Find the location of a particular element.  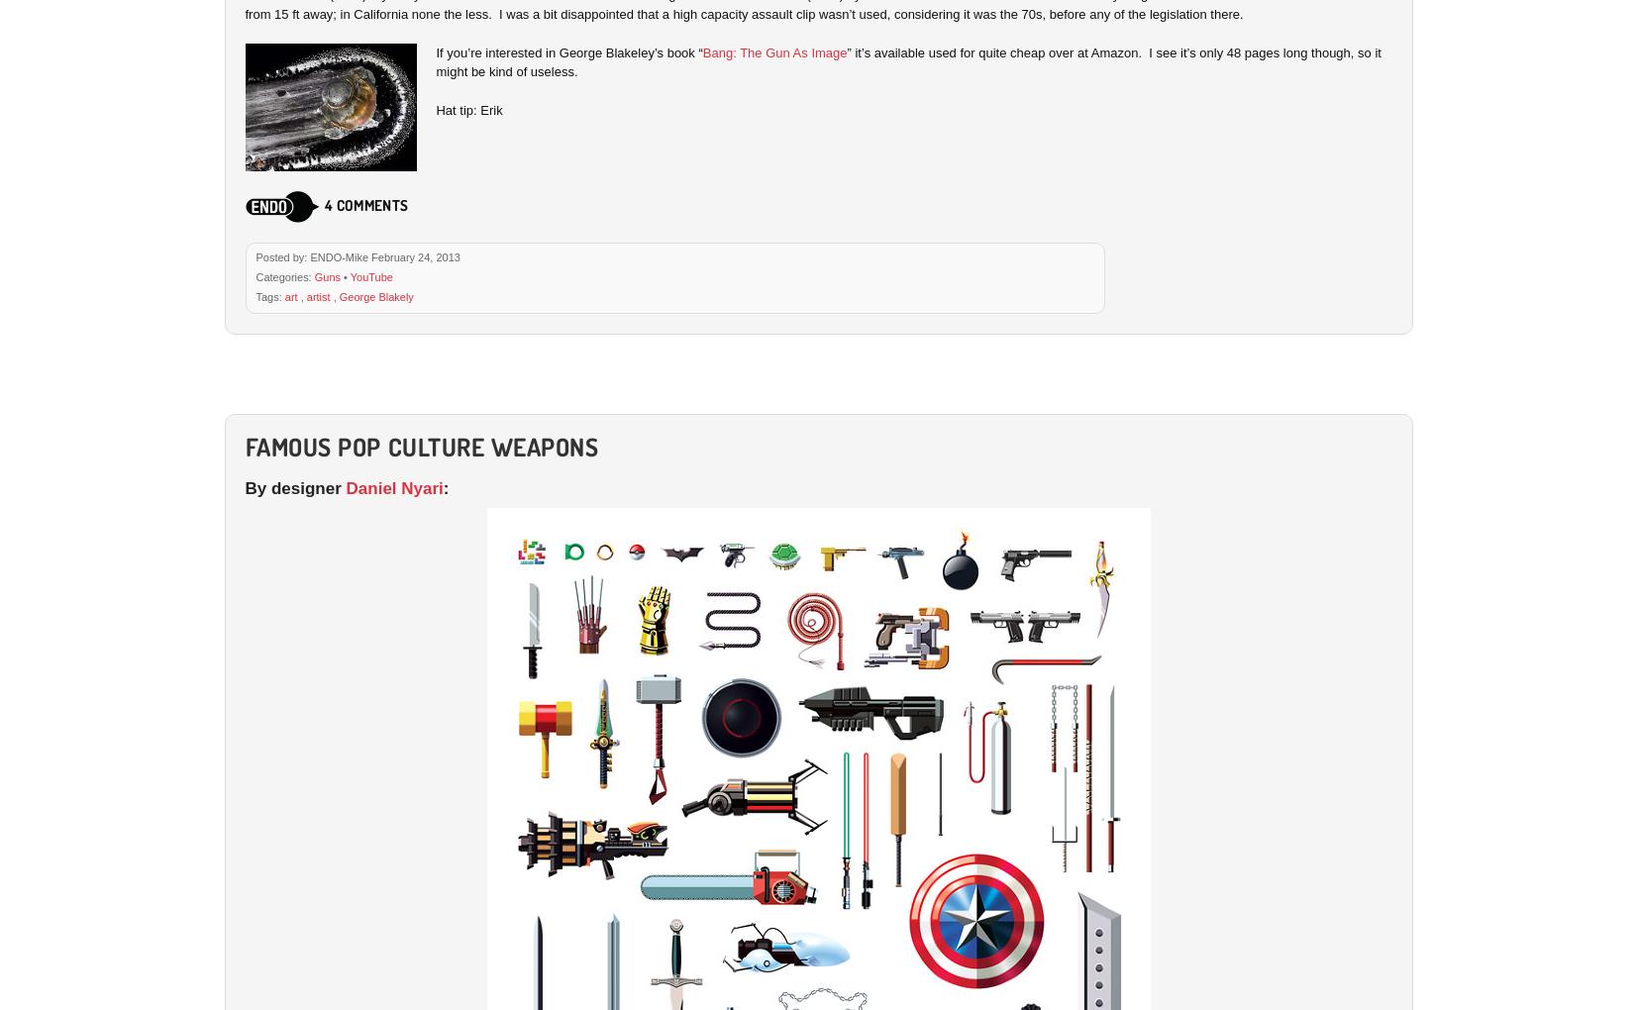

'Posted by: ENDO-Mike February 24, 2013' is located at coordinates (357, 255).